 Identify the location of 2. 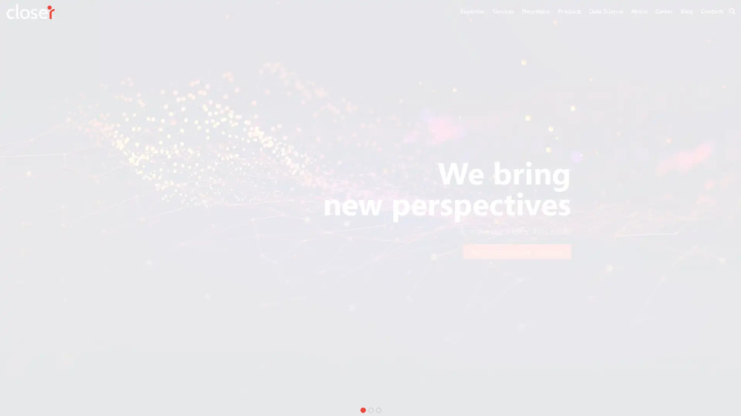
(370, 409).